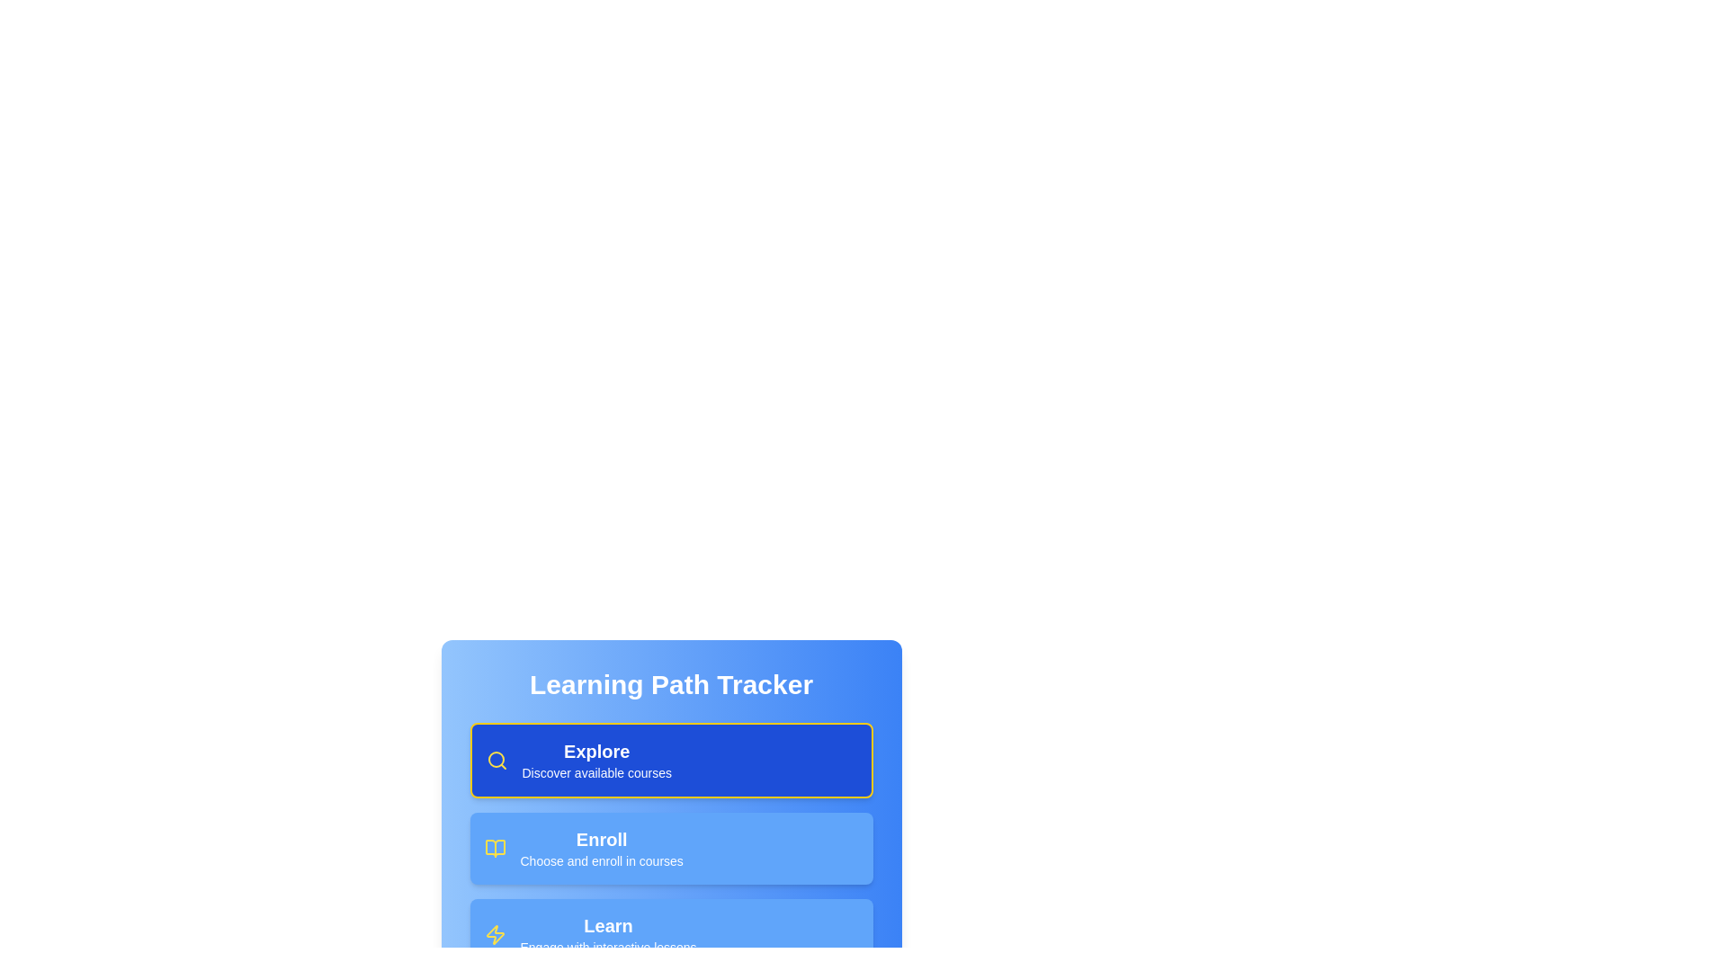 This screenshot has width=1727, height=971. I want to click on the function represented, so click(497, 760).